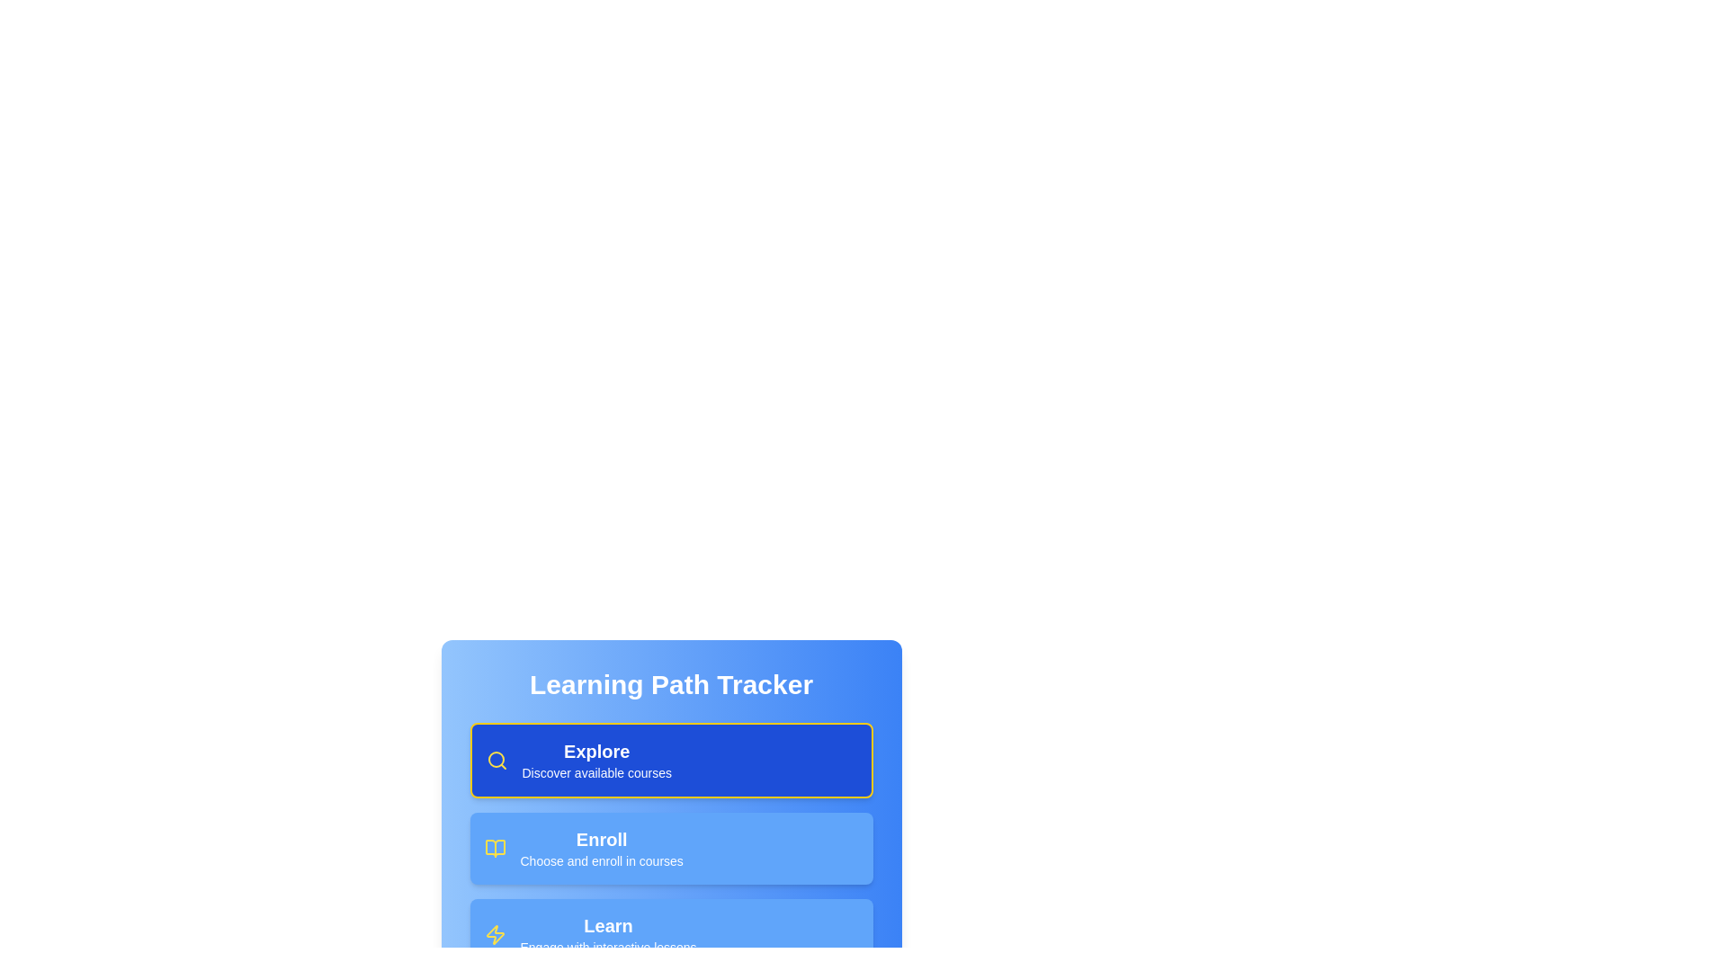 This screenshot has width=1727, height=971. I want to click on the function represented, so click(497, 760).